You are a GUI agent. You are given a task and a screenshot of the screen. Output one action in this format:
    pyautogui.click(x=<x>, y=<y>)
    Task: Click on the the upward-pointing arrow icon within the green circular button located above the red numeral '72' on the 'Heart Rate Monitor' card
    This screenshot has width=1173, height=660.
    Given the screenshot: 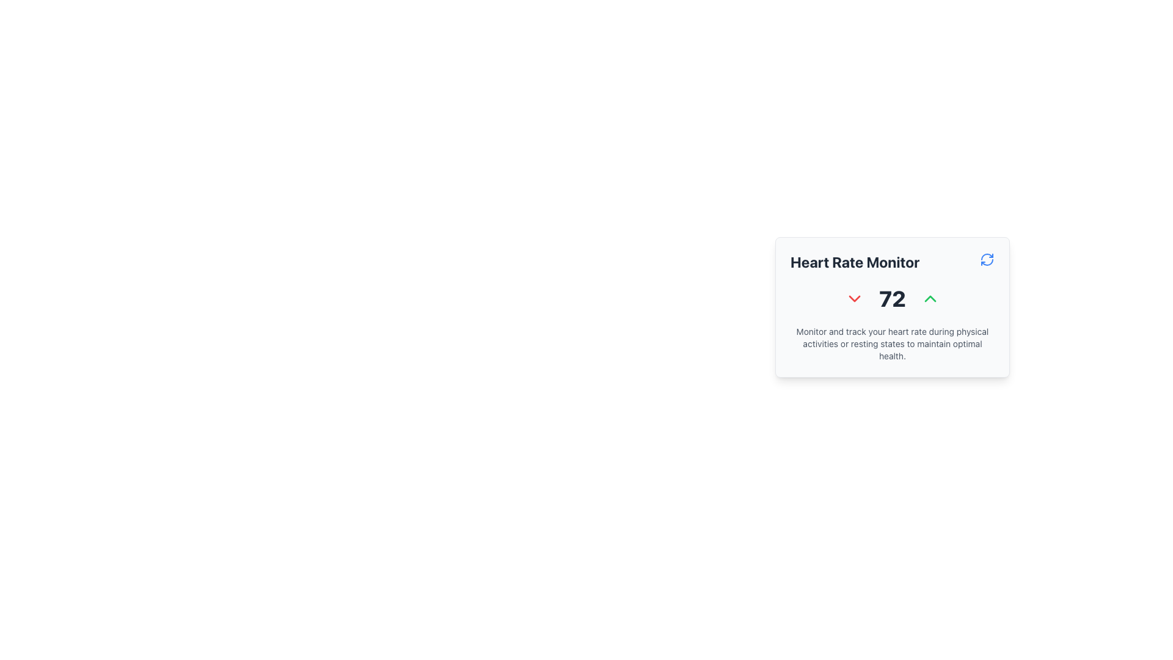 What is the action you would take?
    pyautogui.click(x=929, y=299)
    